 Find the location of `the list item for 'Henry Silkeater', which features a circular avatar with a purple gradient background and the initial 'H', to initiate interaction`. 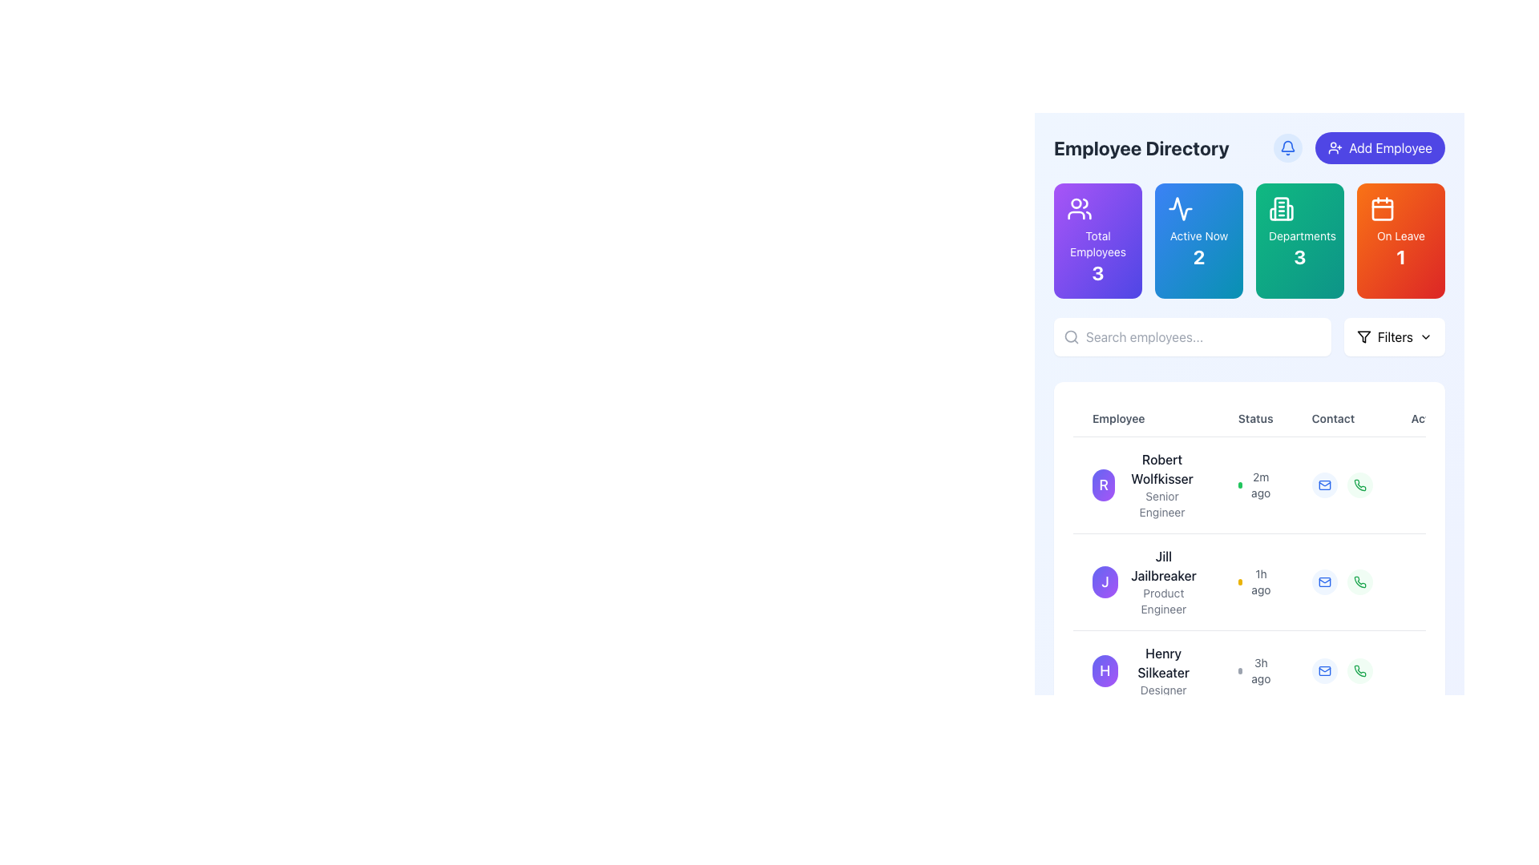

the list item for 'Henry Silkeater', which features a circular avatar with a purple gradient background and the initial 'H', to initiate interaction is located at coordinates (1145, 670).